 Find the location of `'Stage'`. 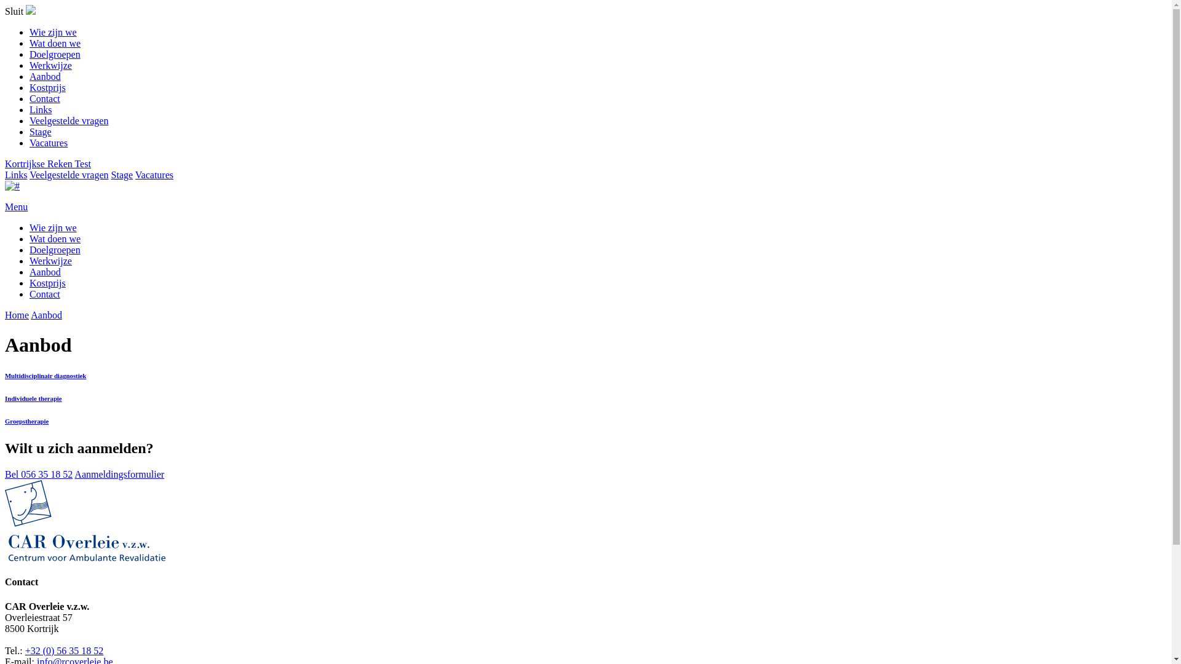

'Stage' is located at coordinates (122, 175).